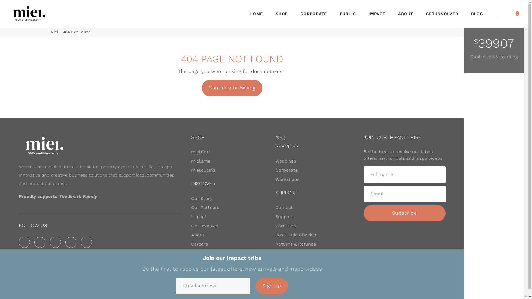 This screenshot has height=299, width=532. Describe the element at coordinates (347, 14) in the screenshot. I see `'PUBLIC'` at that location.